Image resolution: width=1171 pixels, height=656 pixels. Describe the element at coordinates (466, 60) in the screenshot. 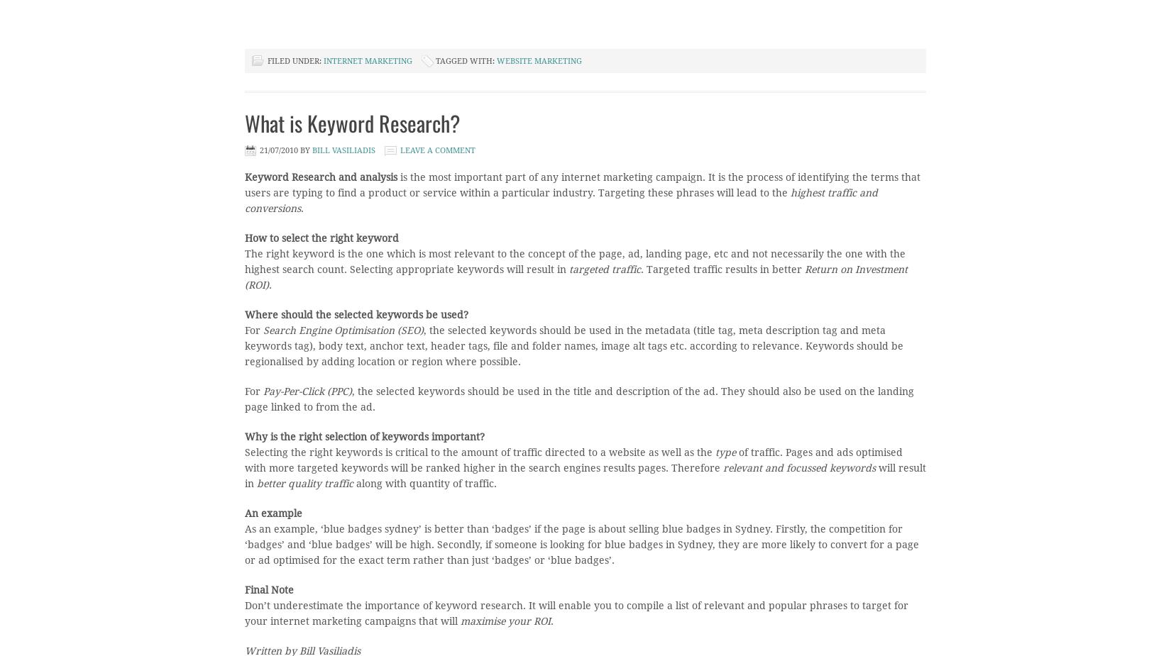

I see `'Tagged With:'` at that location.